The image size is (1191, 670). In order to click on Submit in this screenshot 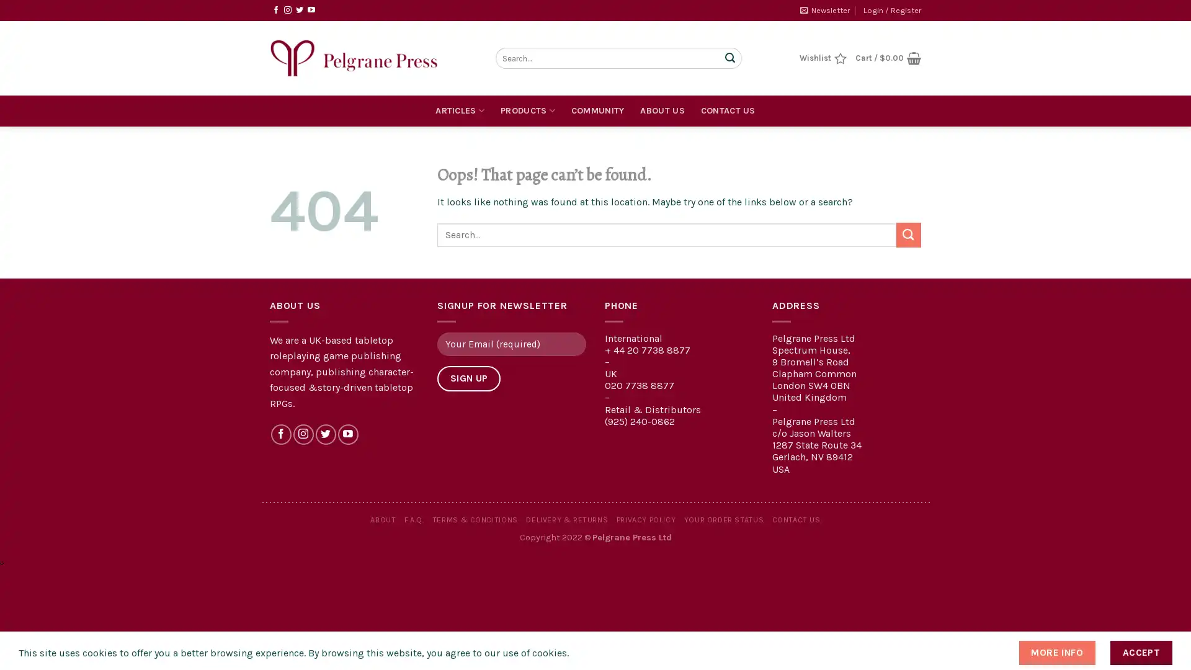, I will do `click(729, 58)`.